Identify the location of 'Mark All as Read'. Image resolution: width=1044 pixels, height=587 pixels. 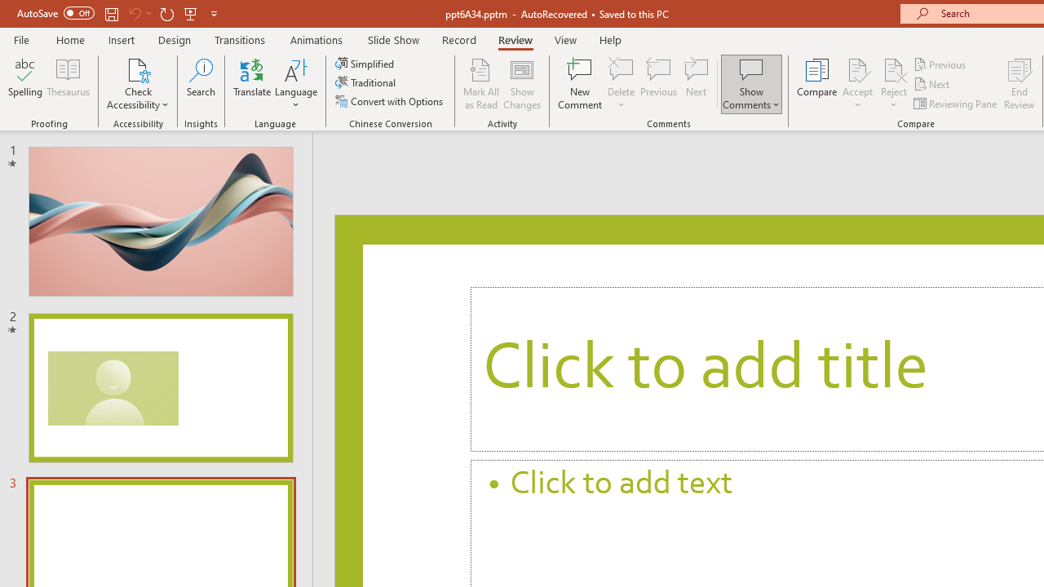
(480, 84).